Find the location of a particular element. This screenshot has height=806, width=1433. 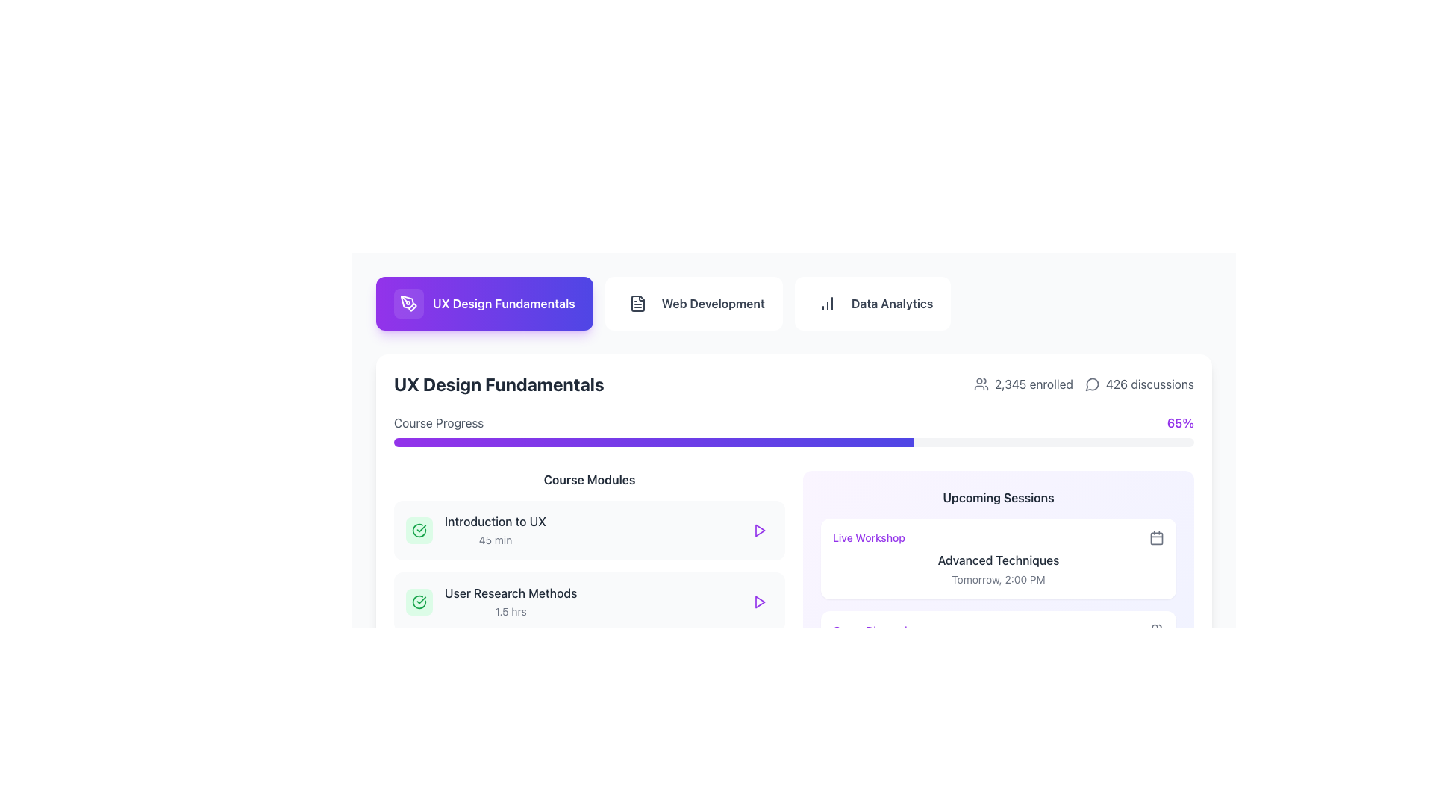

the 'Data Analytics' text label, which is a navigation link in a horizontal navigation section at the top of the page is located at coordinates (892, 303).